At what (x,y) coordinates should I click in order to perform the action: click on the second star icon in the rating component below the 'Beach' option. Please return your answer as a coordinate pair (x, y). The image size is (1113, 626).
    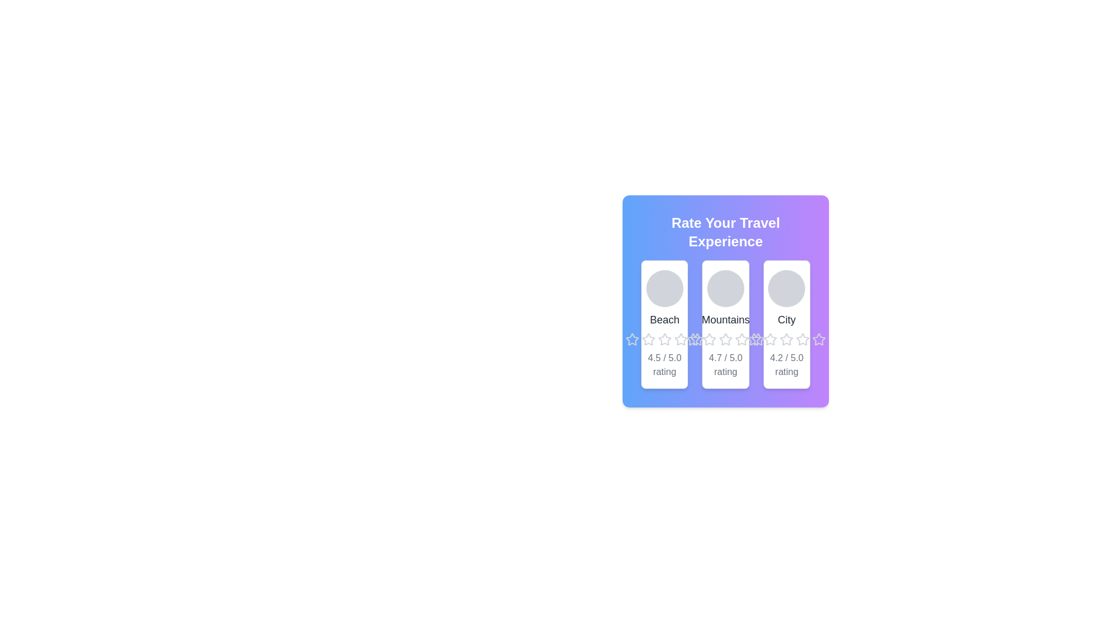
    Looking at the image, I should click on (664, 339).